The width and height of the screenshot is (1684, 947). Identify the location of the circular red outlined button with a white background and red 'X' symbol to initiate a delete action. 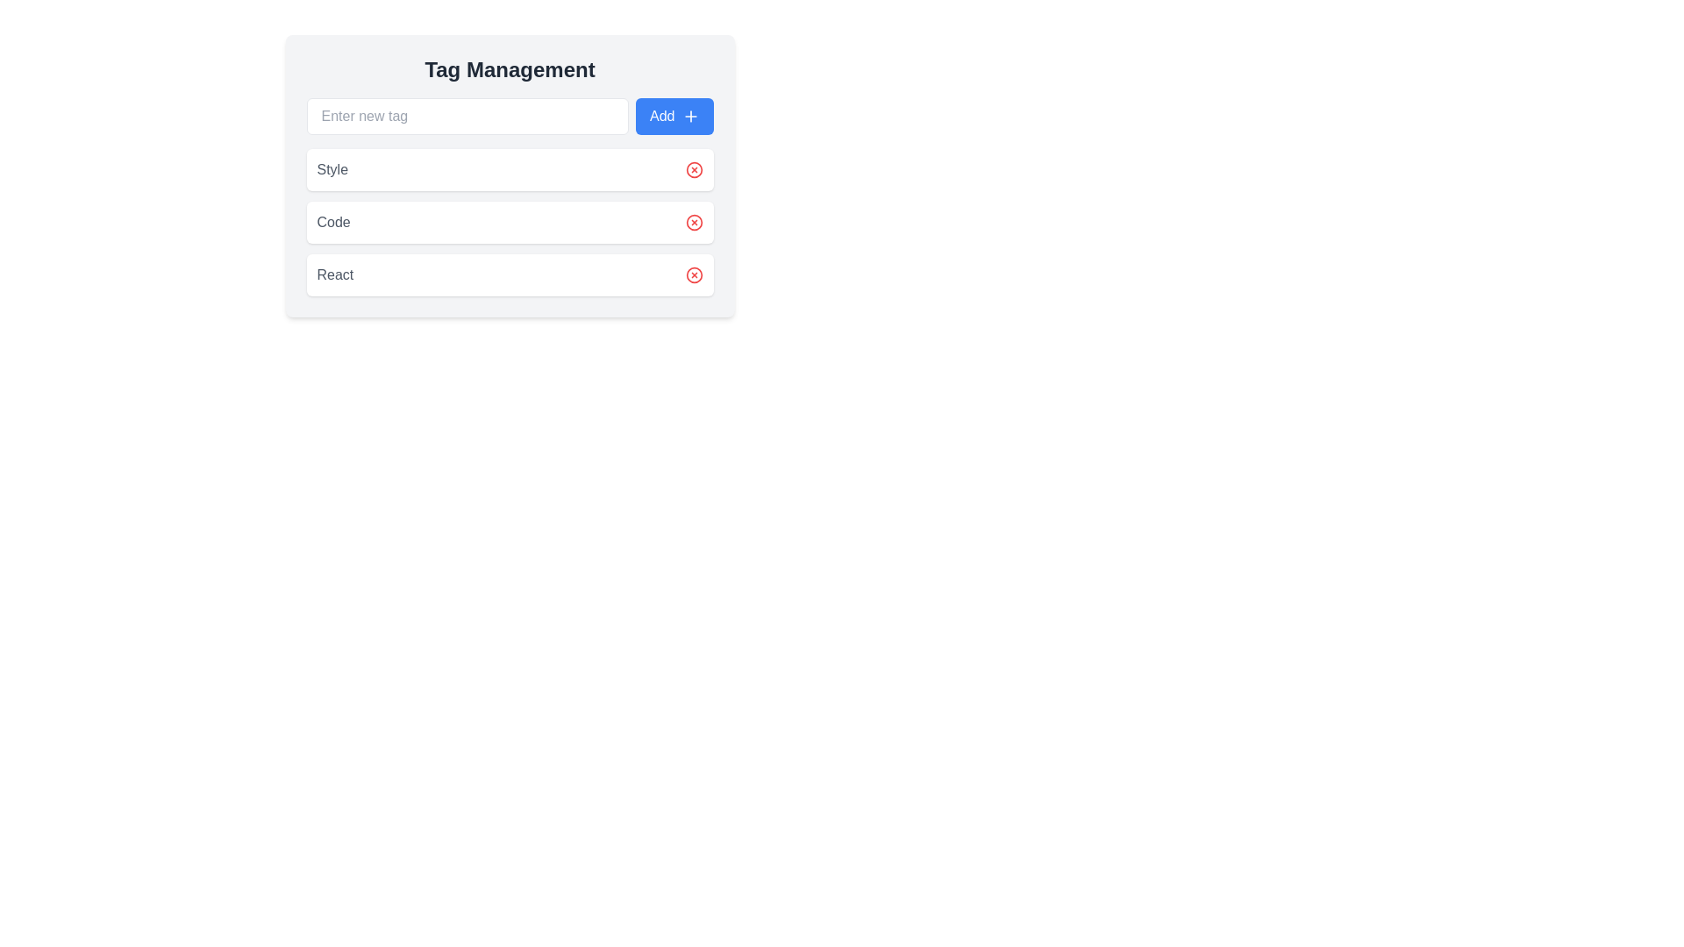
(693, 274).